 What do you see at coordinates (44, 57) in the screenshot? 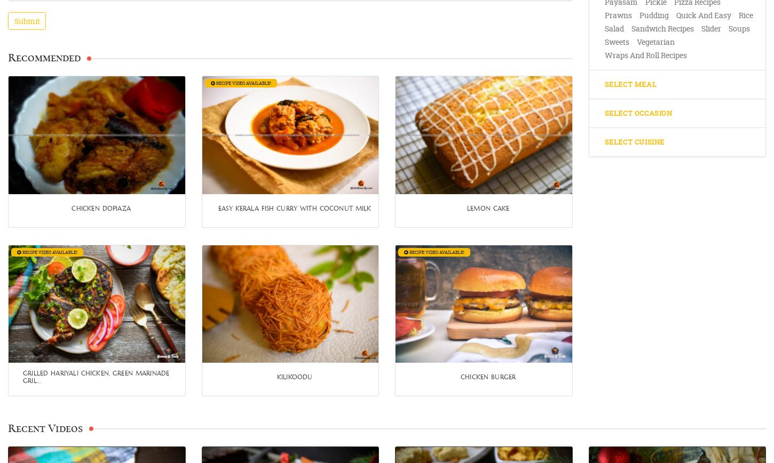
I see `'Recommended'` at bounding box center [44, 57].